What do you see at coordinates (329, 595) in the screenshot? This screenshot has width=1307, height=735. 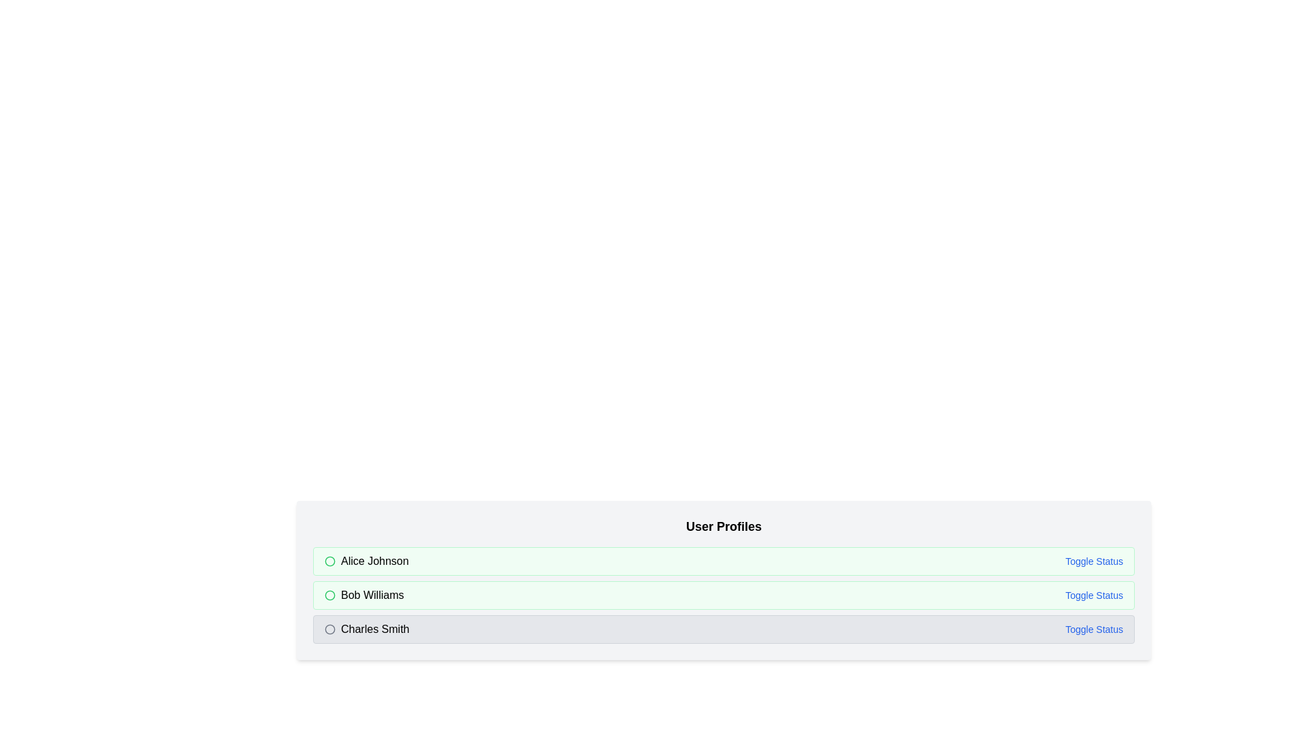 I see `the Status indicator icon for the user 'Bob Williams' to check the online or active status` at bounding box center [329, 595].